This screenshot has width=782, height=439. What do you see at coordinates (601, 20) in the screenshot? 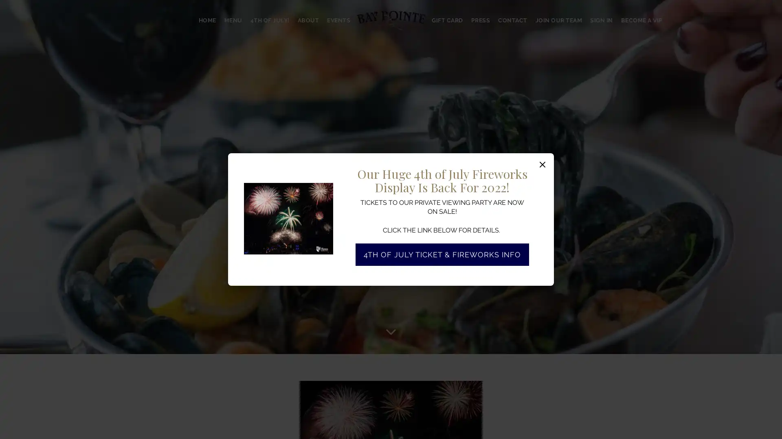
I see `SIGN IN` at bounding box center [601, 20].